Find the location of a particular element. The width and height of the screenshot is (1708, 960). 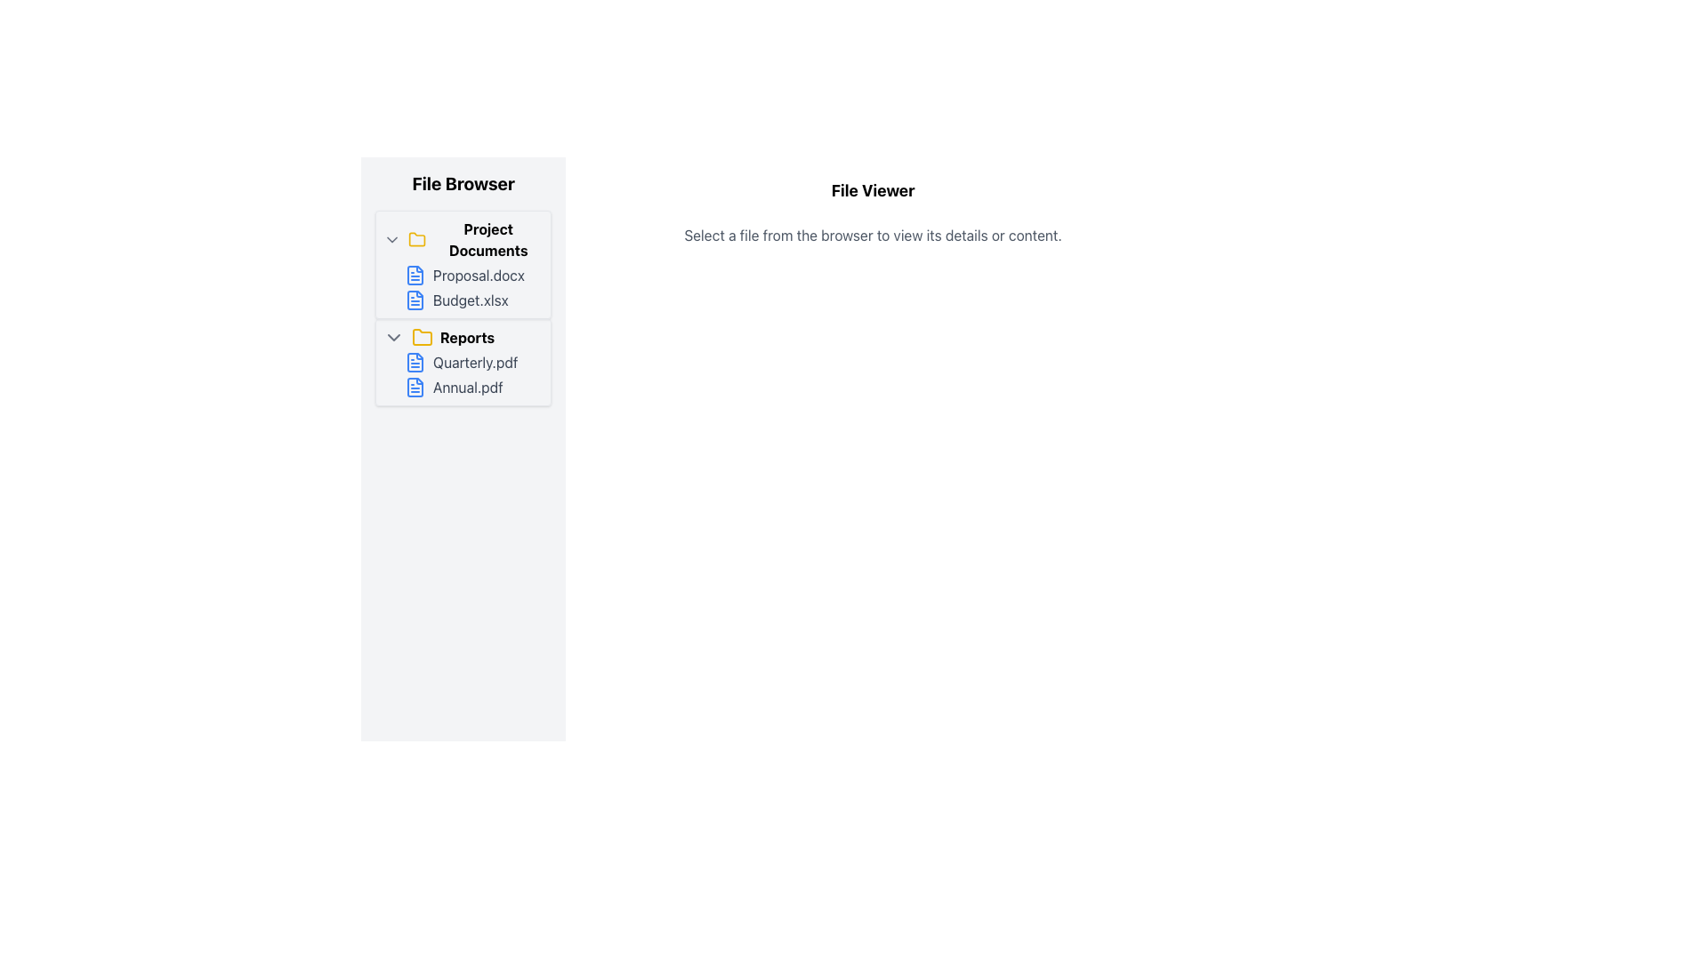

the downward chevron icon in muted gray tone located to the left of the 'Reports' text to indicate its functionality is located at coordinates (392, 338).